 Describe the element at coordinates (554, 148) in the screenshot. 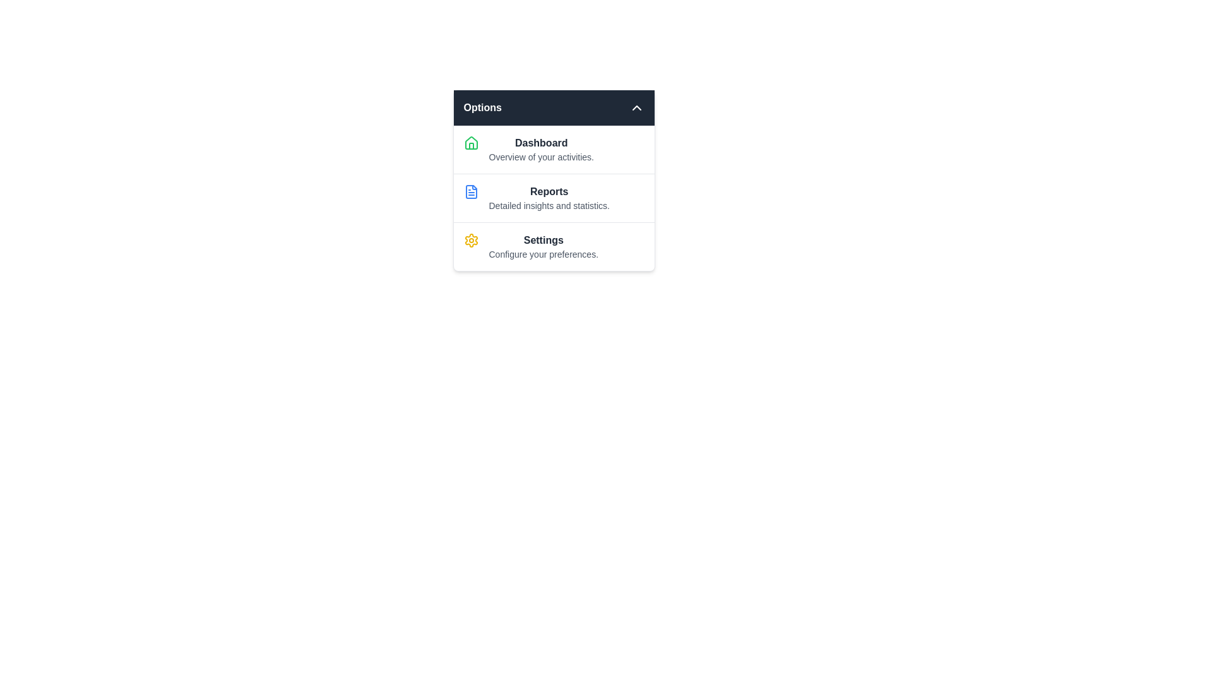

I see `the Navigation link located at the top of the 'Options' menu` at that location.